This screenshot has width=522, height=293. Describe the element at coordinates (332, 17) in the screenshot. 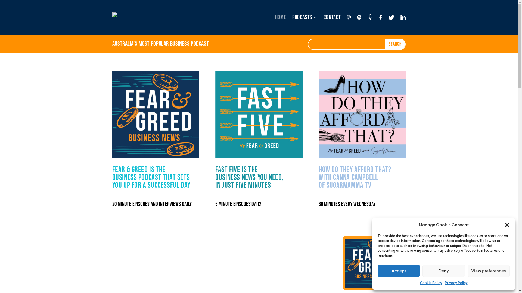

I see `'Contact'` at that location.